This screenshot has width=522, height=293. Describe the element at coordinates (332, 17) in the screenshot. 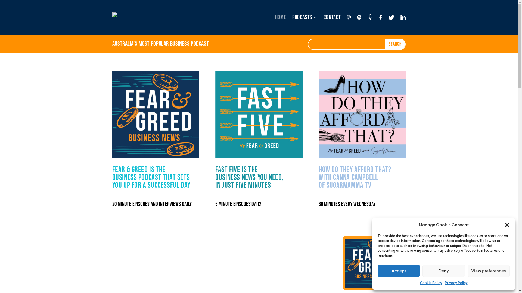

I see `'Contact'` at that location.